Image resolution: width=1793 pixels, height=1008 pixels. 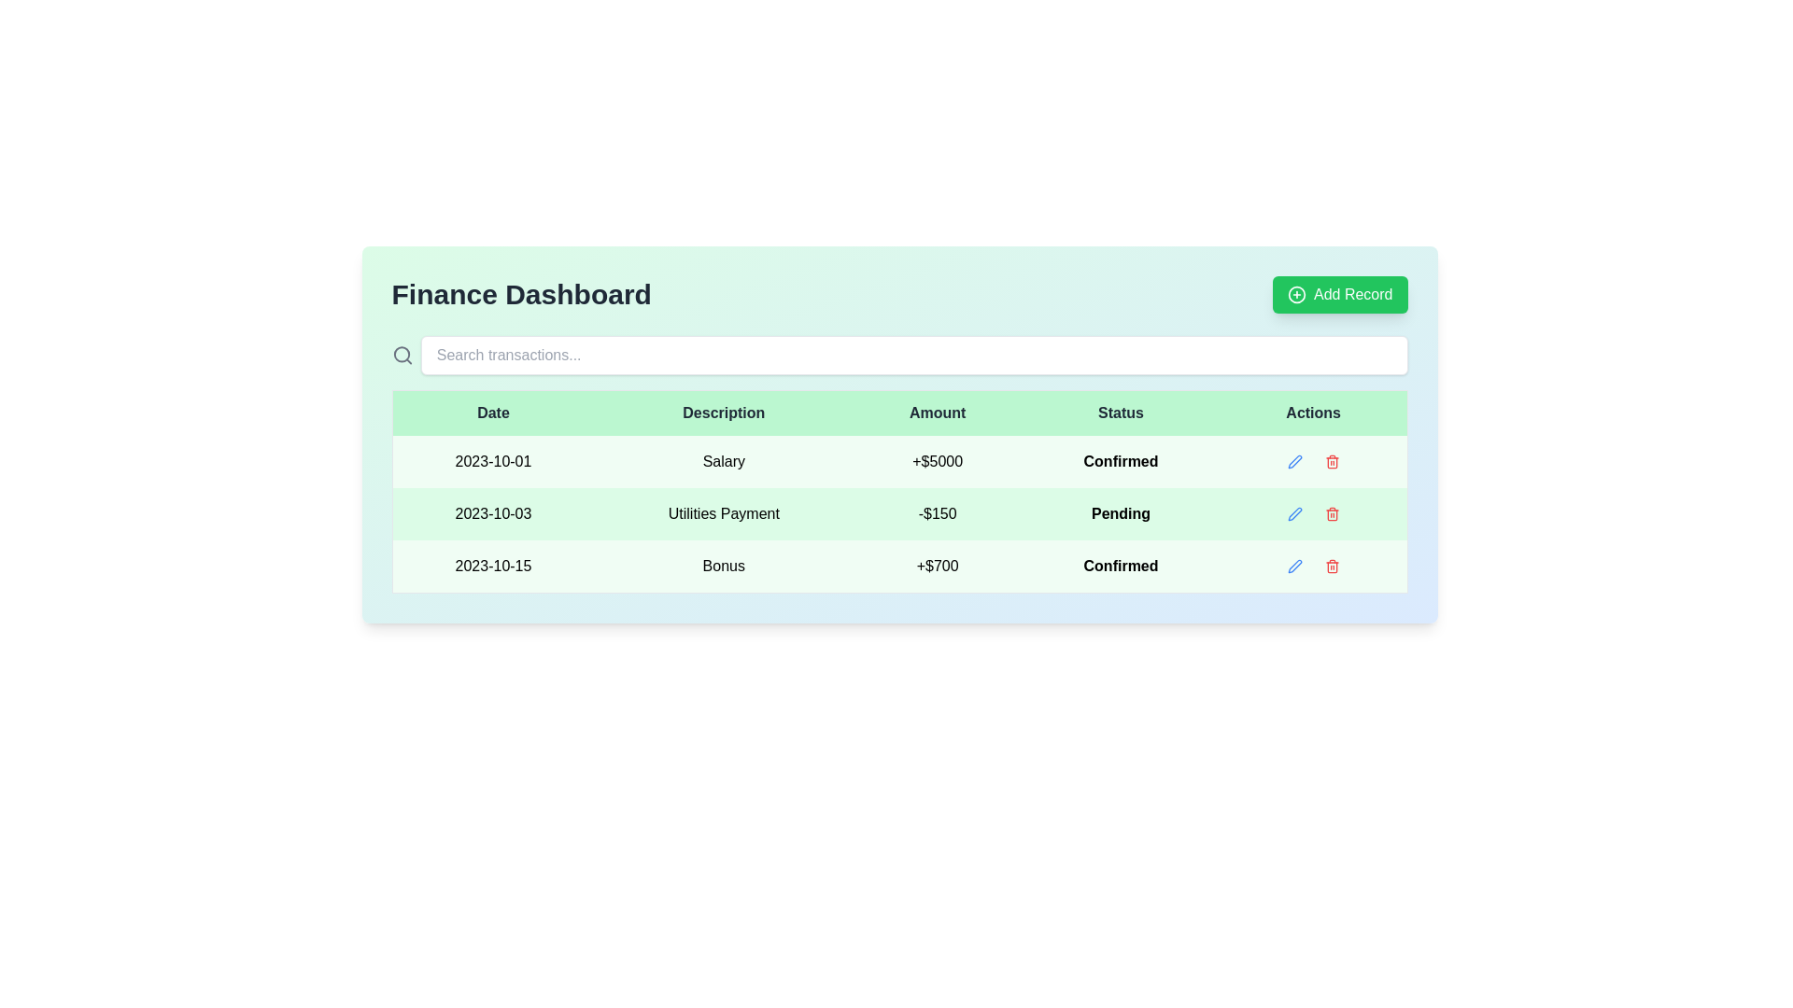 I want to click on the header label in the table that contains the word 'Description', which is displayed in black text on a green background, located in the second column of the header row, so click(x=723, y=412).